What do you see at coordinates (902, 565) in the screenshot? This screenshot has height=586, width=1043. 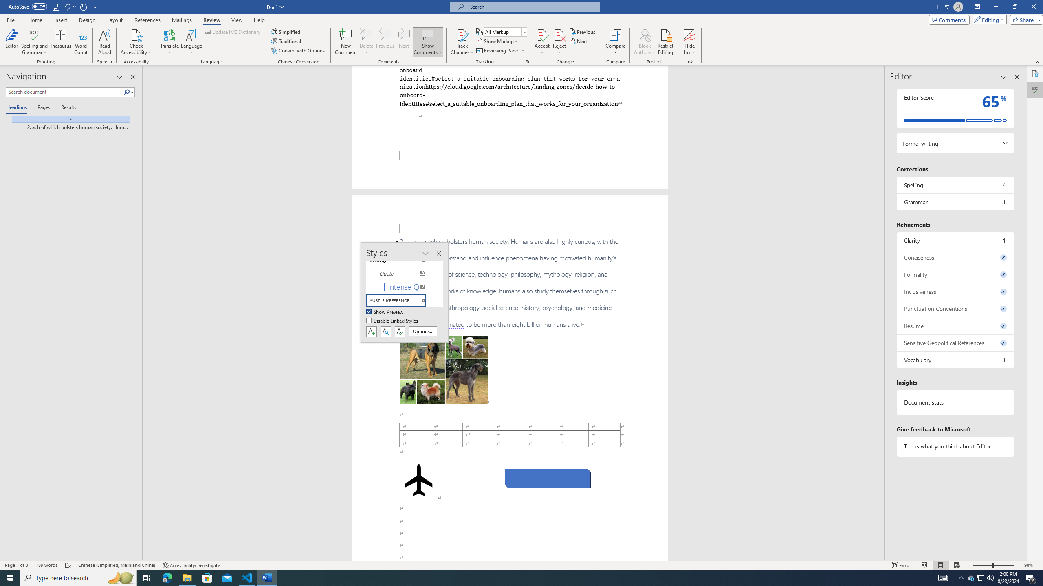 I see `'Focus '` at bounding box center [902, 565].